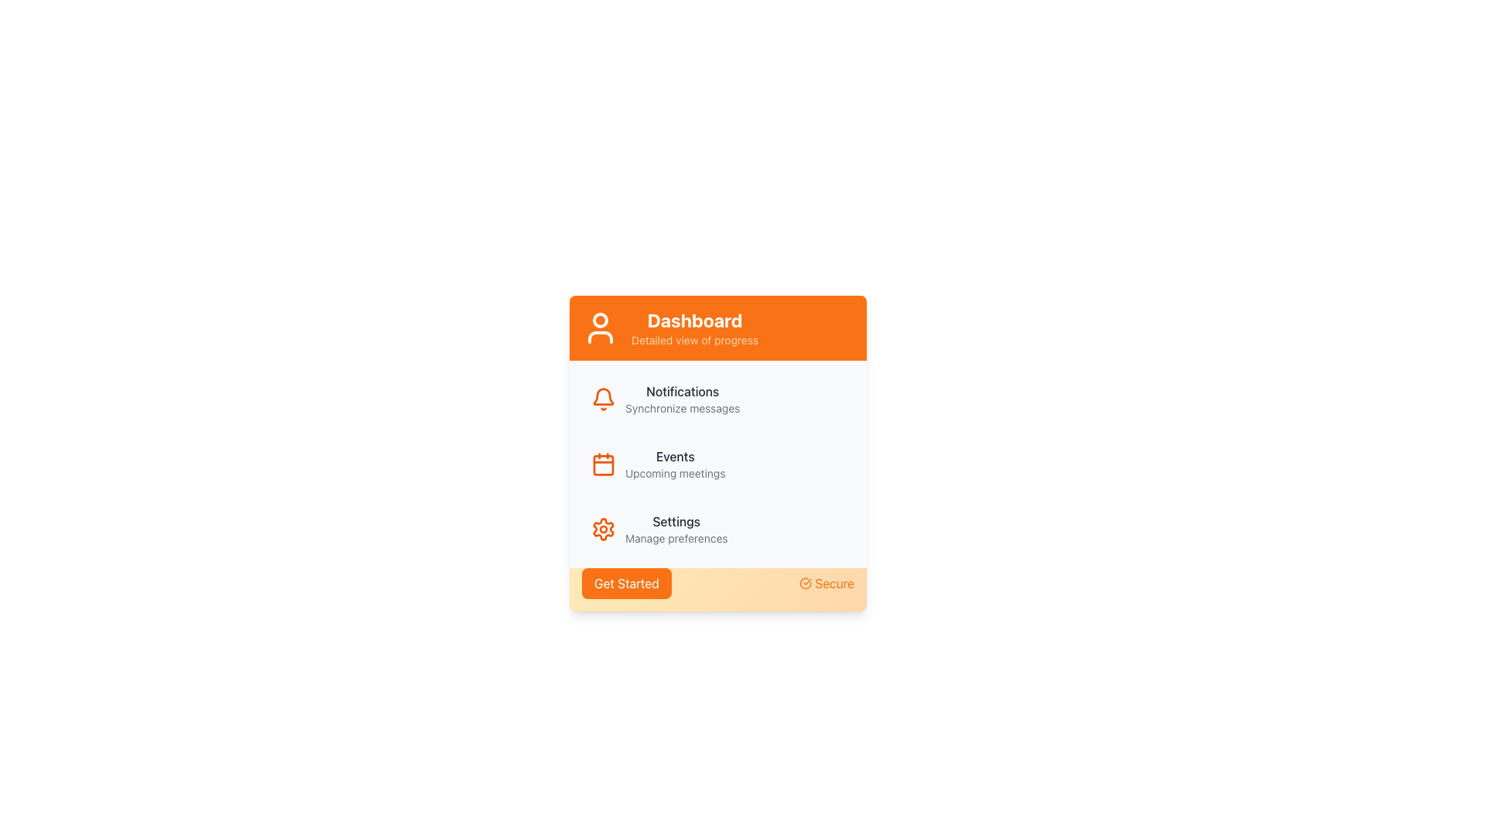 The image size is (1486, 836). Describe the element at coordinates (676, 537) in the screenshot. I see `the descriptive text label located beneath the 'Settings' title and gear icon` at that location.